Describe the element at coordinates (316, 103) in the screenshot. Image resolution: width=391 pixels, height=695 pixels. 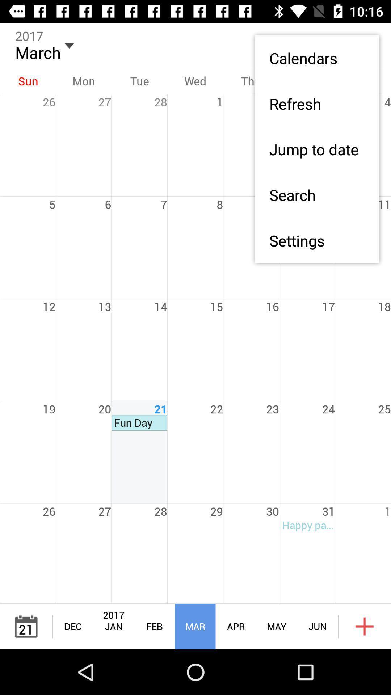
I see `item above the jump to date item` at that location.